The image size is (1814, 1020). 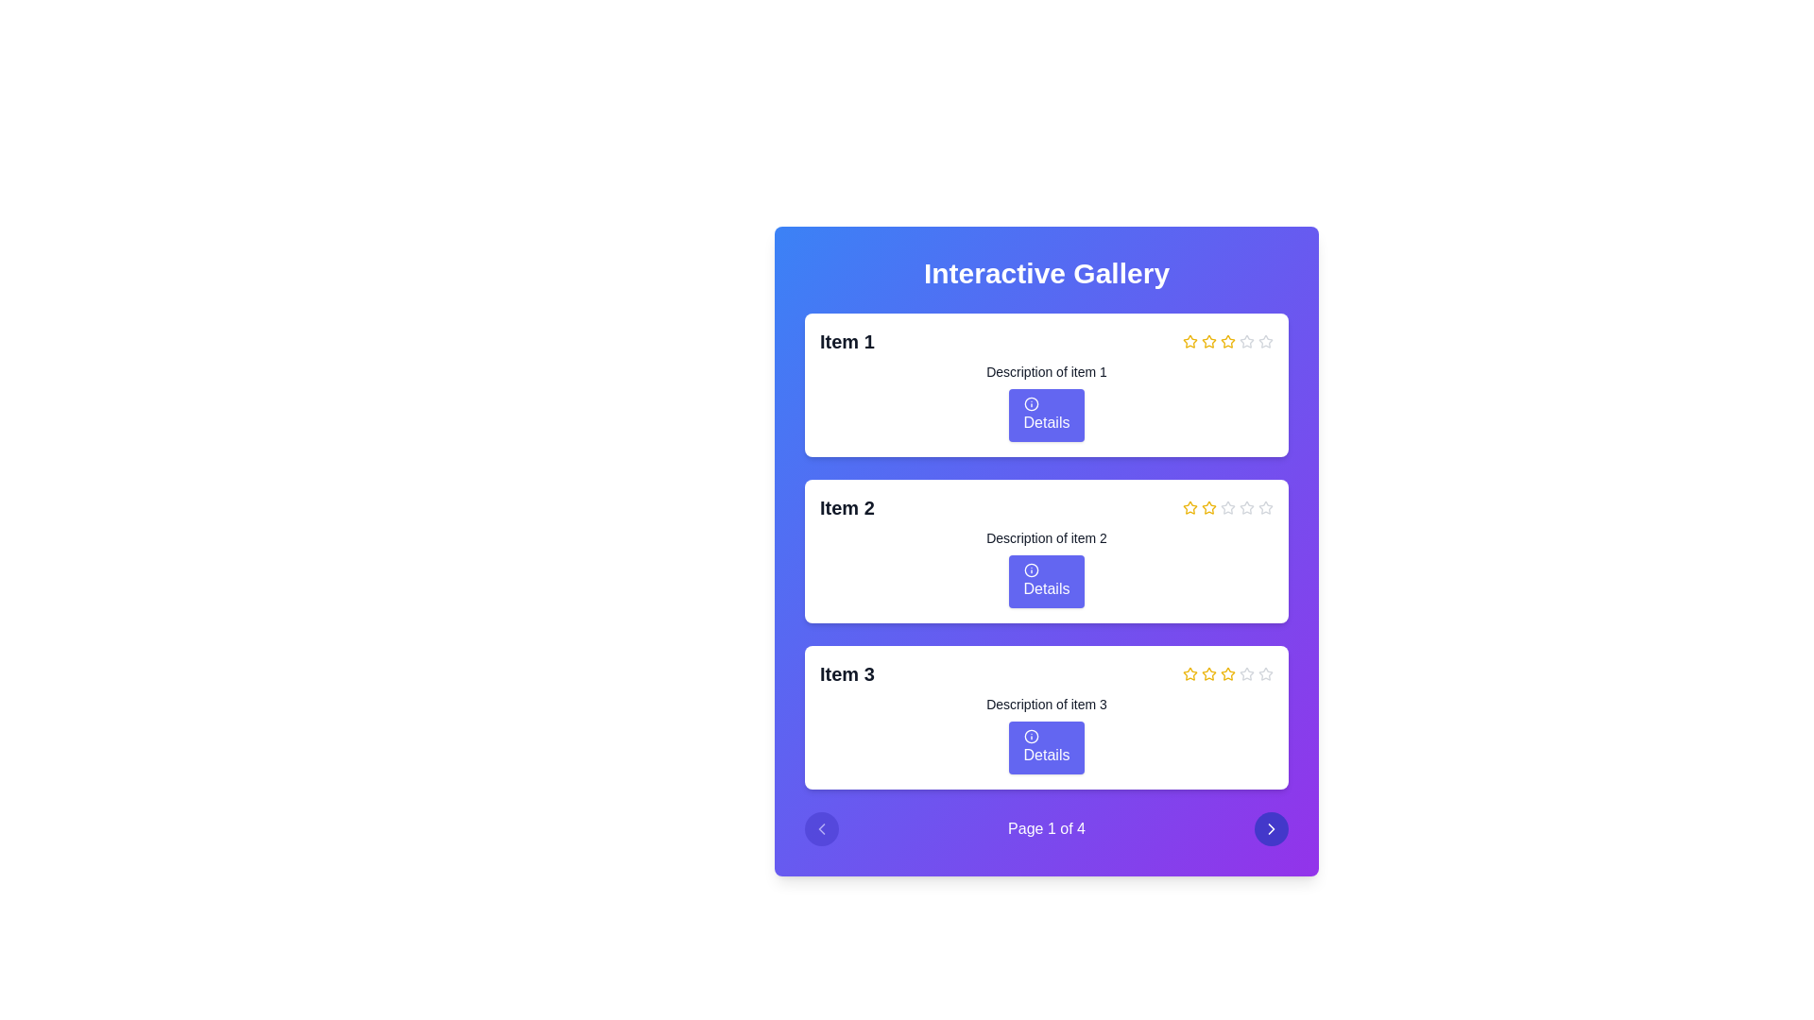 I want to click on the text label displaying 'Page 1 of 4' which is centered at the bottom of the interface with a purple background, so click(x=1046, y=828).